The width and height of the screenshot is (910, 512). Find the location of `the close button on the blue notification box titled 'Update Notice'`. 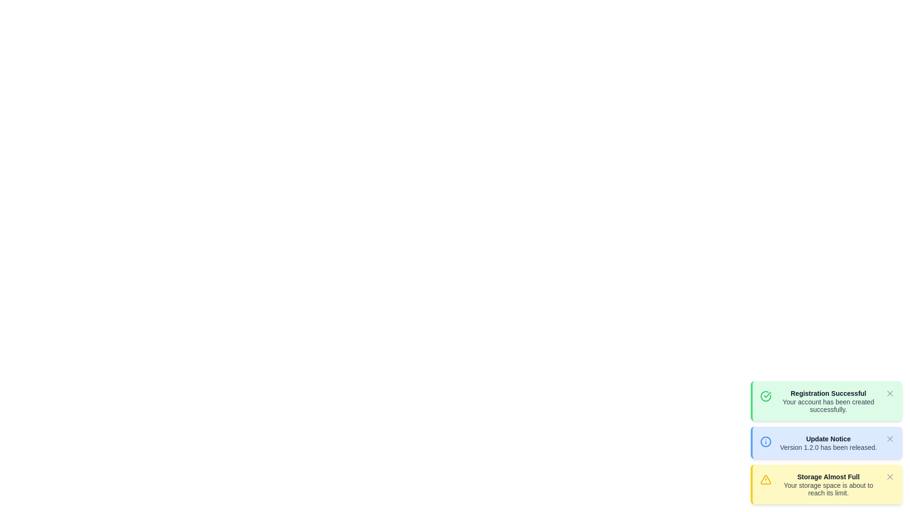

the close button on the blue notification box titled 'Update Notice' is located at coordinates (826, 442).